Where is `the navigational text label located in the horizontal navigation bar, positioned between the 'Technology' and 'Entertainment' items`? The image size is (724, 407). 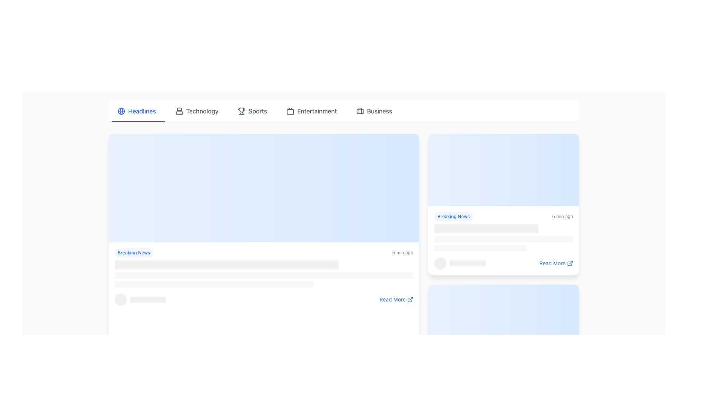
the navigational text label located in the horizontal navigation bar, positioned between the 'Technology' and 'Entertainment' items is located at coordinates (258, 111).